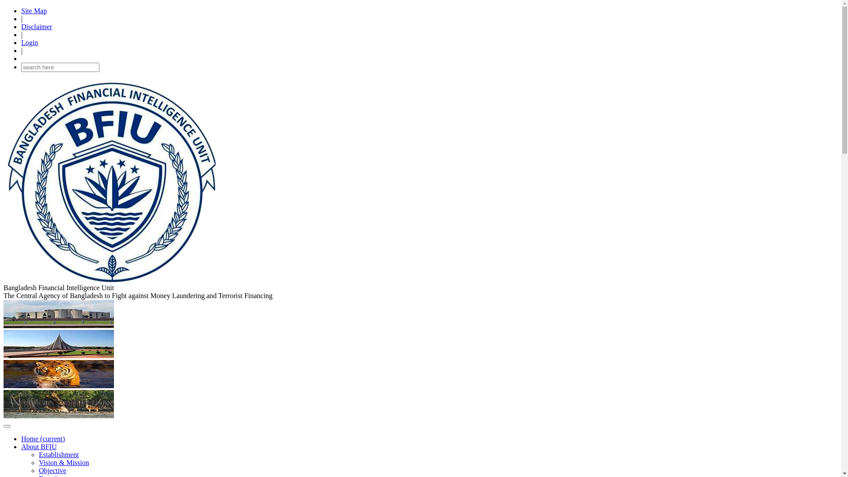 The height and width of the screenshot is (477, 848). I want to click on 'About BFIU', so click(38, 447).